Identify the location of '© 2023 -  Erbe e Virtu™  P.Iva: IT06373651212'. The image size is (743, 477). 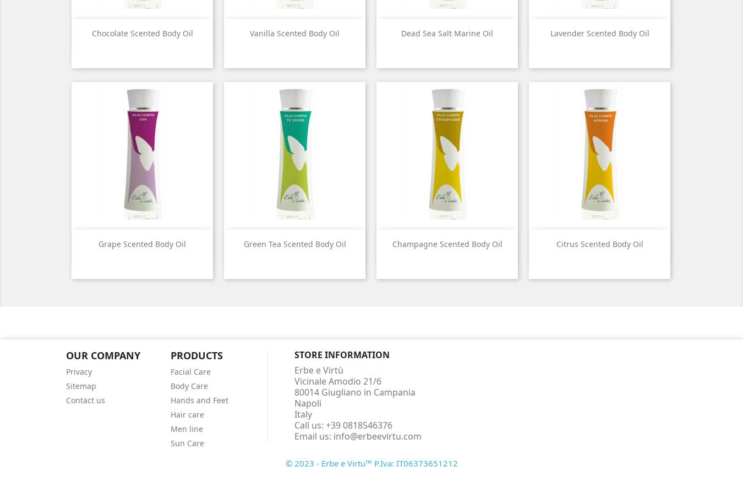
(371, 462).